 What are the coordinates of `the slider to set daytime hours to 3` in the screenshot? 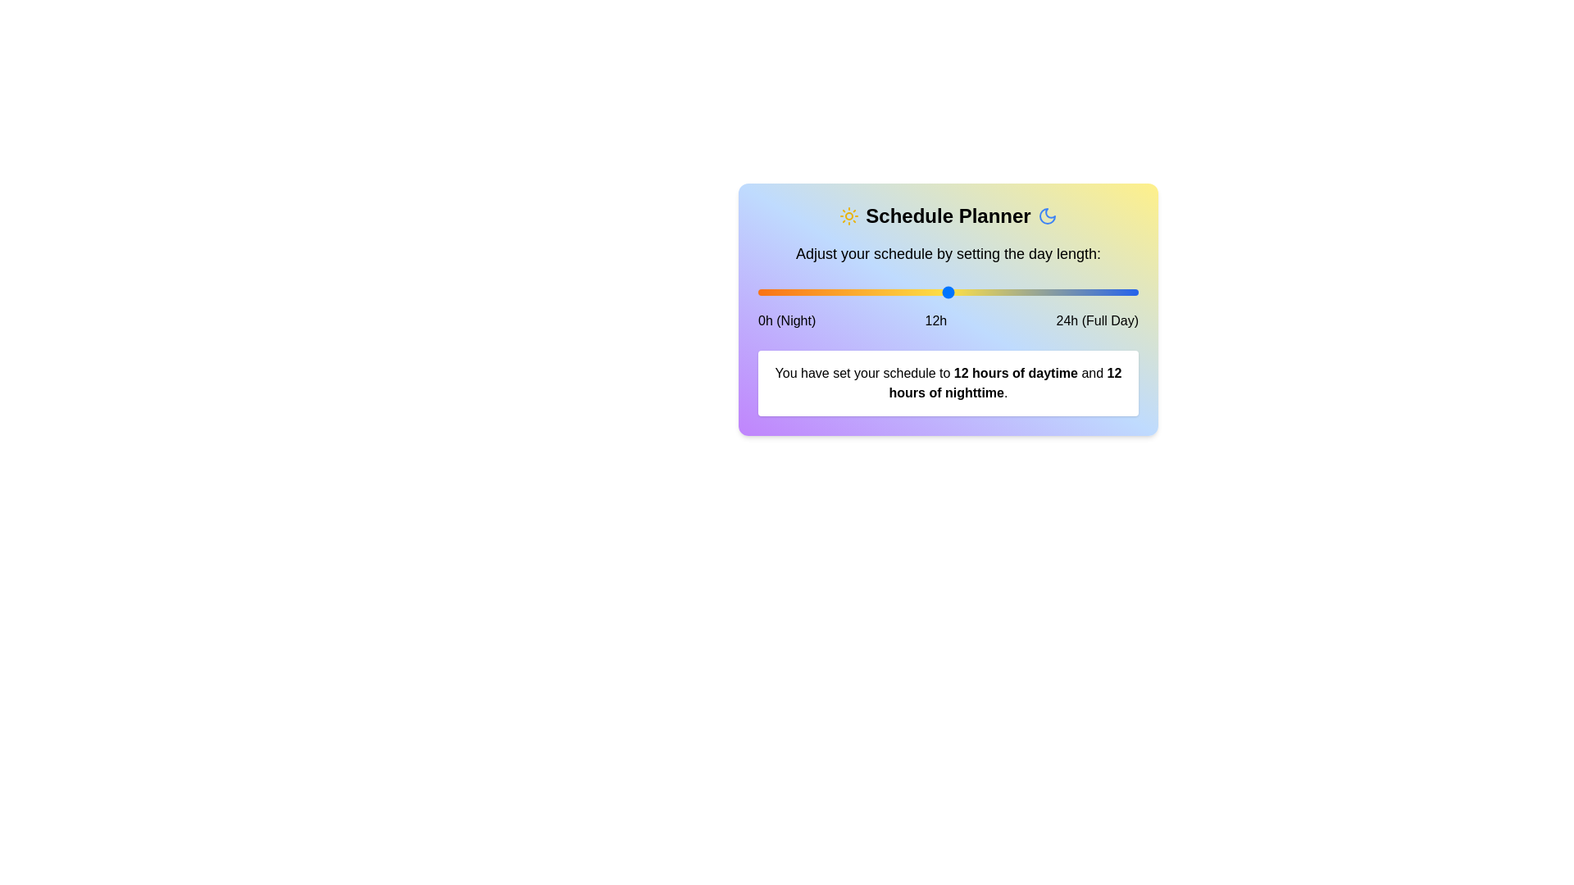 It's located at (806, 292).